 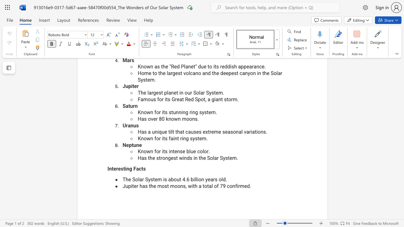 I want to click on the subset text "on years ol" within the text "The Solar System is about 4.6 billion years old.", so click(x=198, y=179).